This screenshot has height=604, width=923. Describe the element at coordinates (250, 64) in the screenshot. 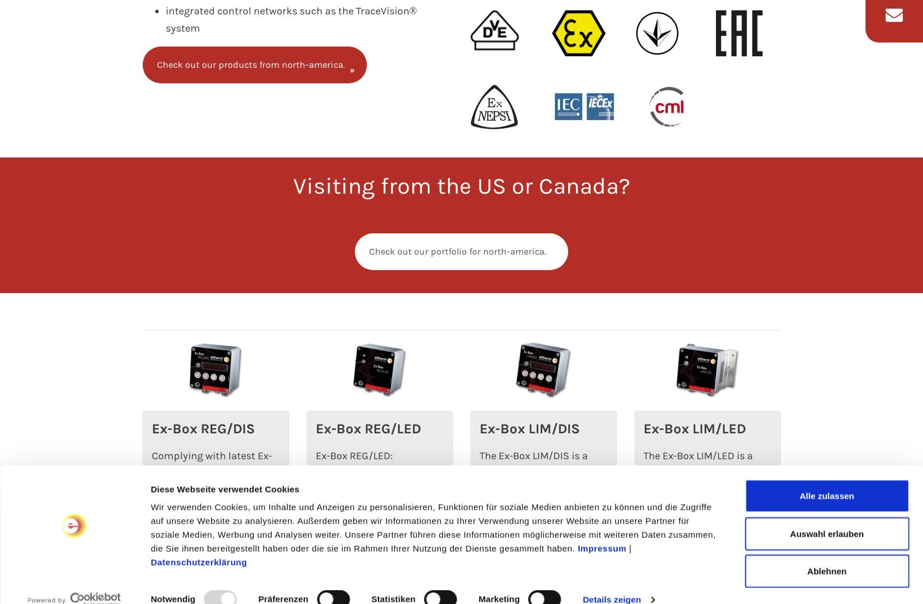

I see `'Check out our products from north-america.'` at that location.